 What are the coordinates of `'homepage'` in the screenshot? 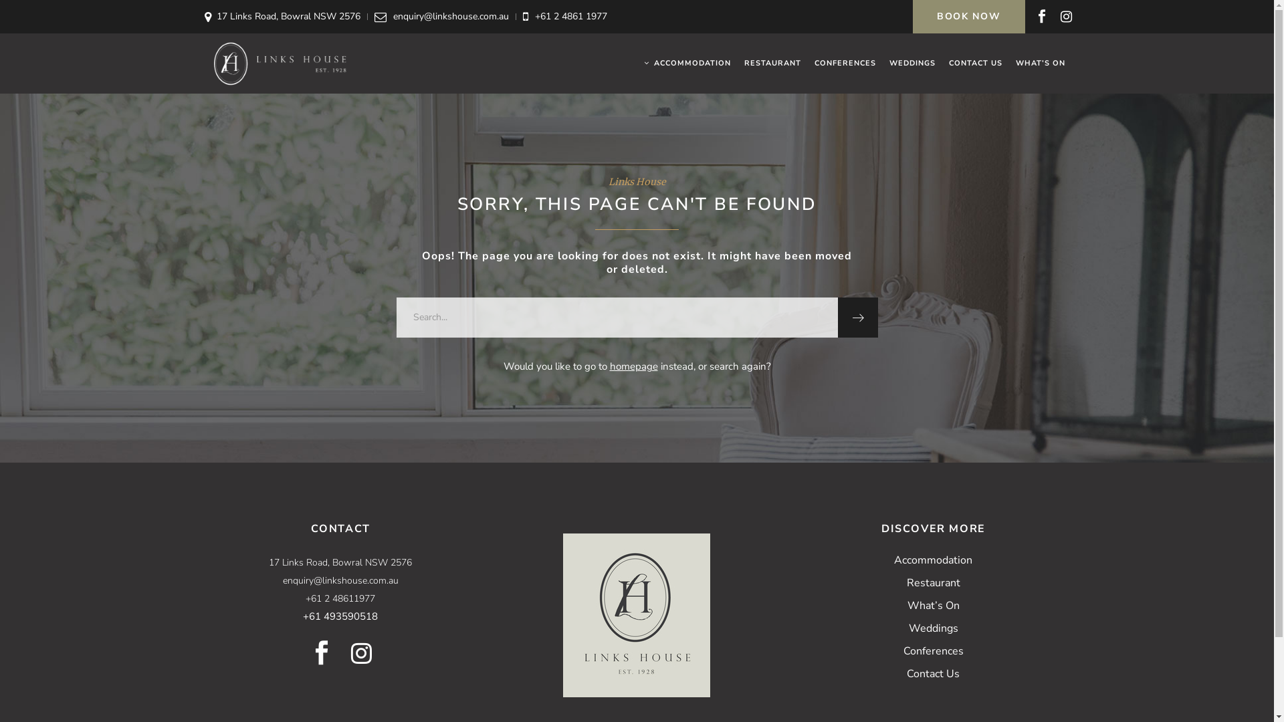 It's located at (609, 366).